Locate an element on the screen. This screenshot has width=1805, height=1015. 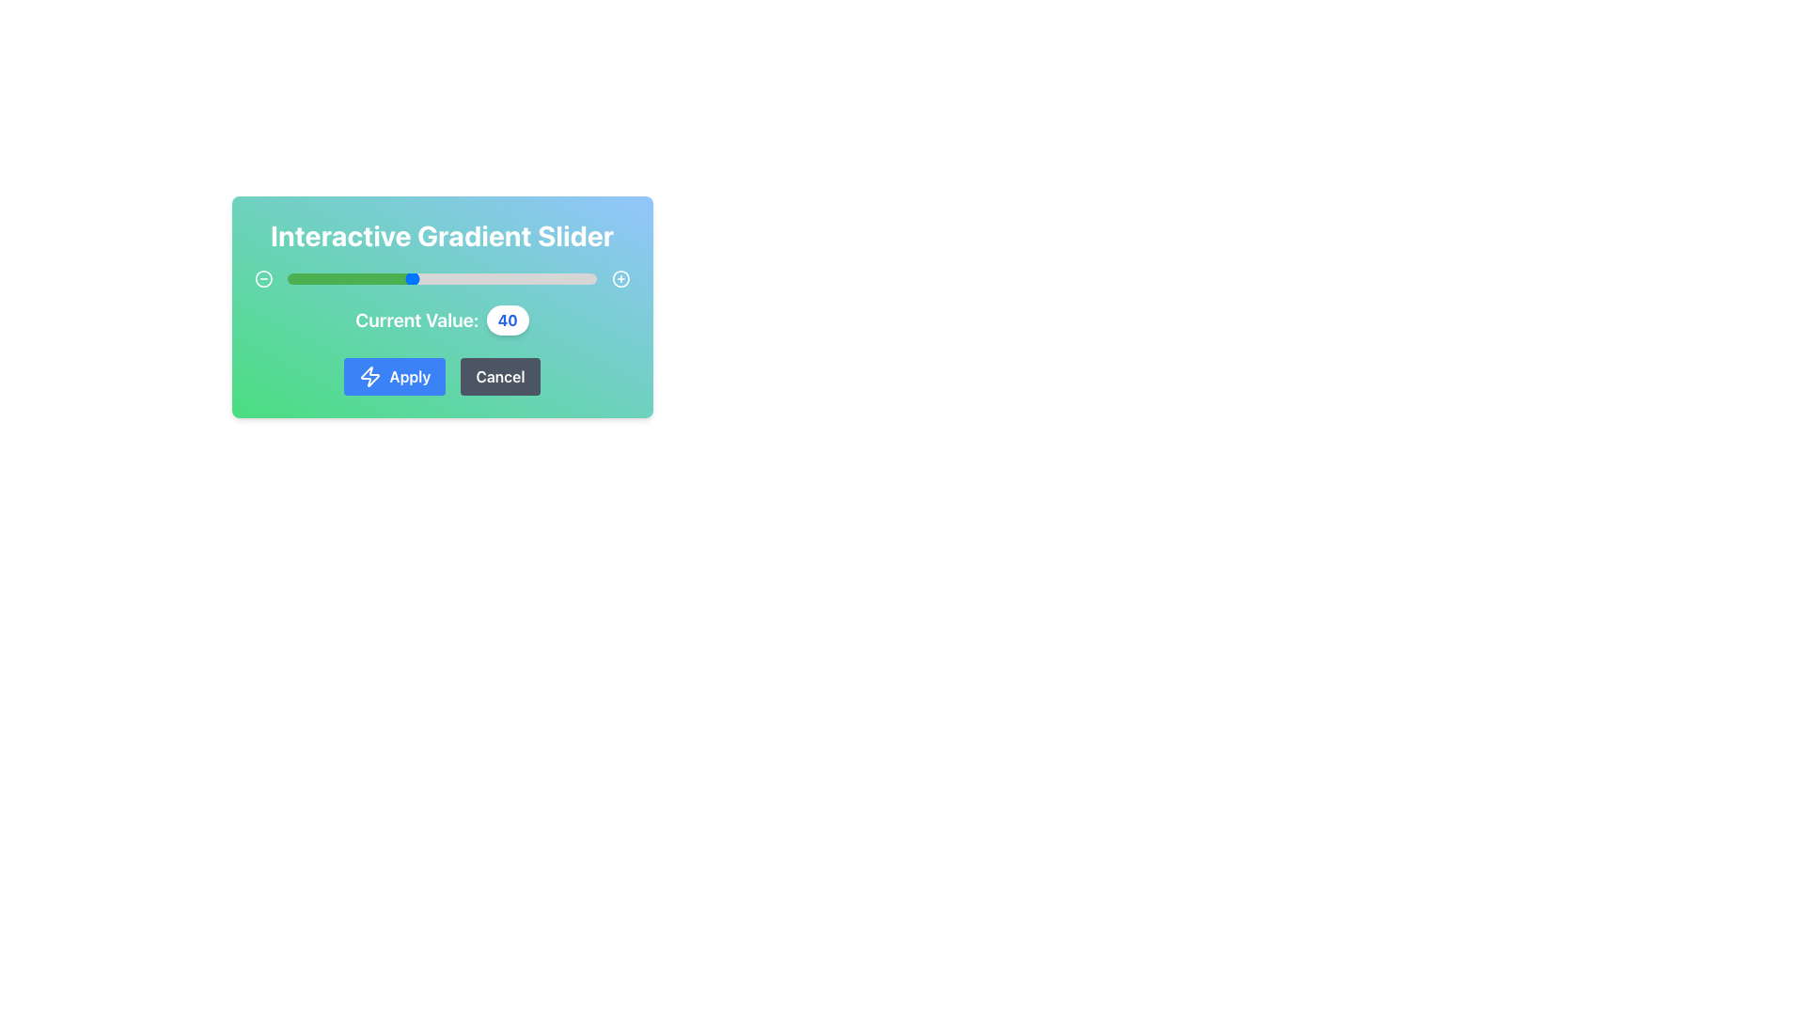
the slider is located at coordinates (425, 279).